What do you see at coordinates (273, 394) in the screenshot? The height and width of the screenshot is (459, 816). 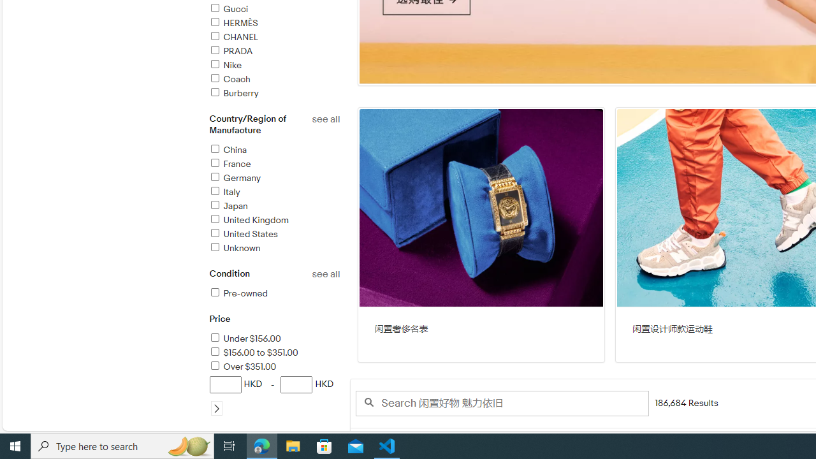 I see `'HKD-HKD'` at bounding box center [273, 394].